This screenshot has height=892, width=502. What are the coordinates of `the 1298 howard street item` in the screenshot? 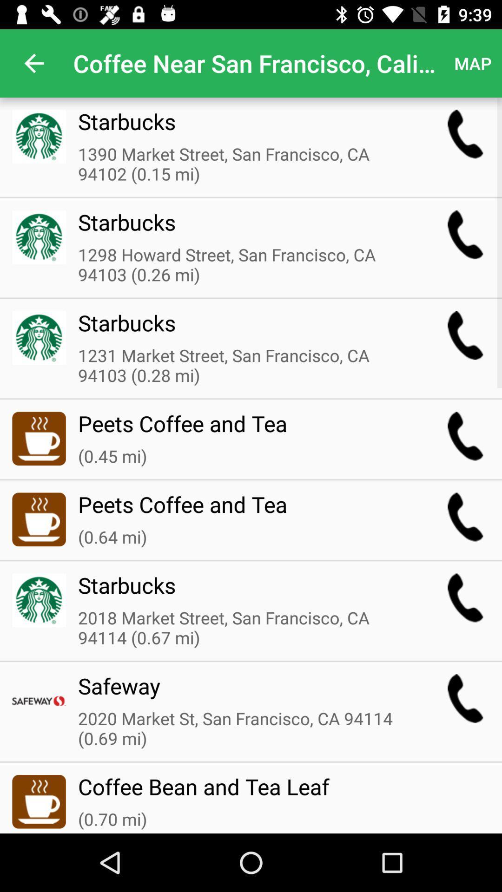 It's located at (244, 265).